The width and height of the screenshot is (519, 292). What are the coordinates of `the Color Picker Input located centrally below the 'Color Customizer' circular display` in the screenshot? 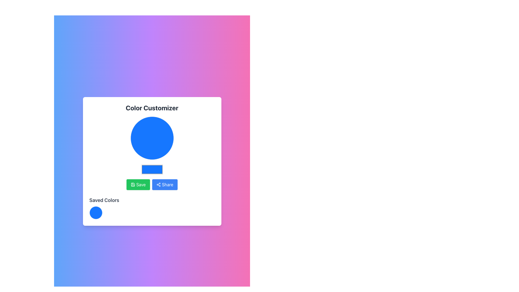 It's located at (152, 161).